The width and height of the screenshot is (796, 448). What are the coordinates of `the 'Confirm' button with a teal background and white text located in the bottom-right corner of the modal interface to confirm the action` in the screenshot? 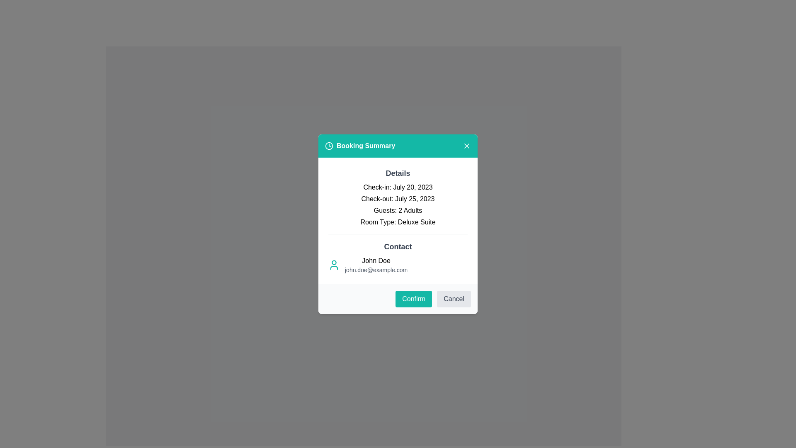 It's located at (414, 299).